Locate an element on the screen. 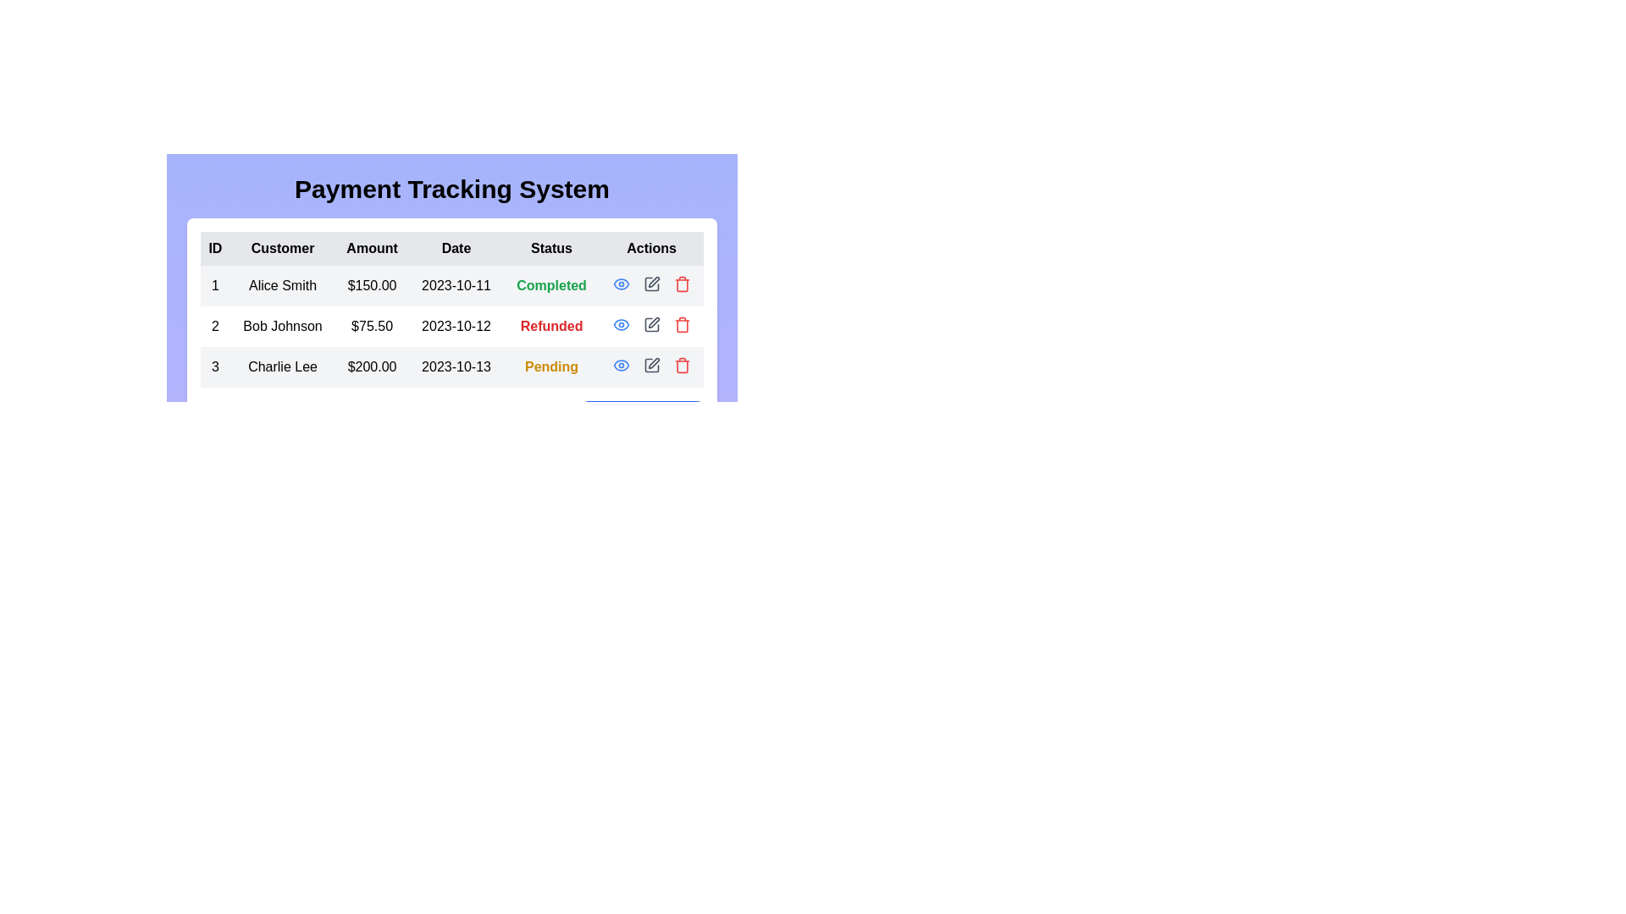 The height and width of the screenshot is (914, 1626). the first row of the table, which has a light gray background and contains various information including a green and bold 'Completed' status indicator is located at coordinates (451, 285).